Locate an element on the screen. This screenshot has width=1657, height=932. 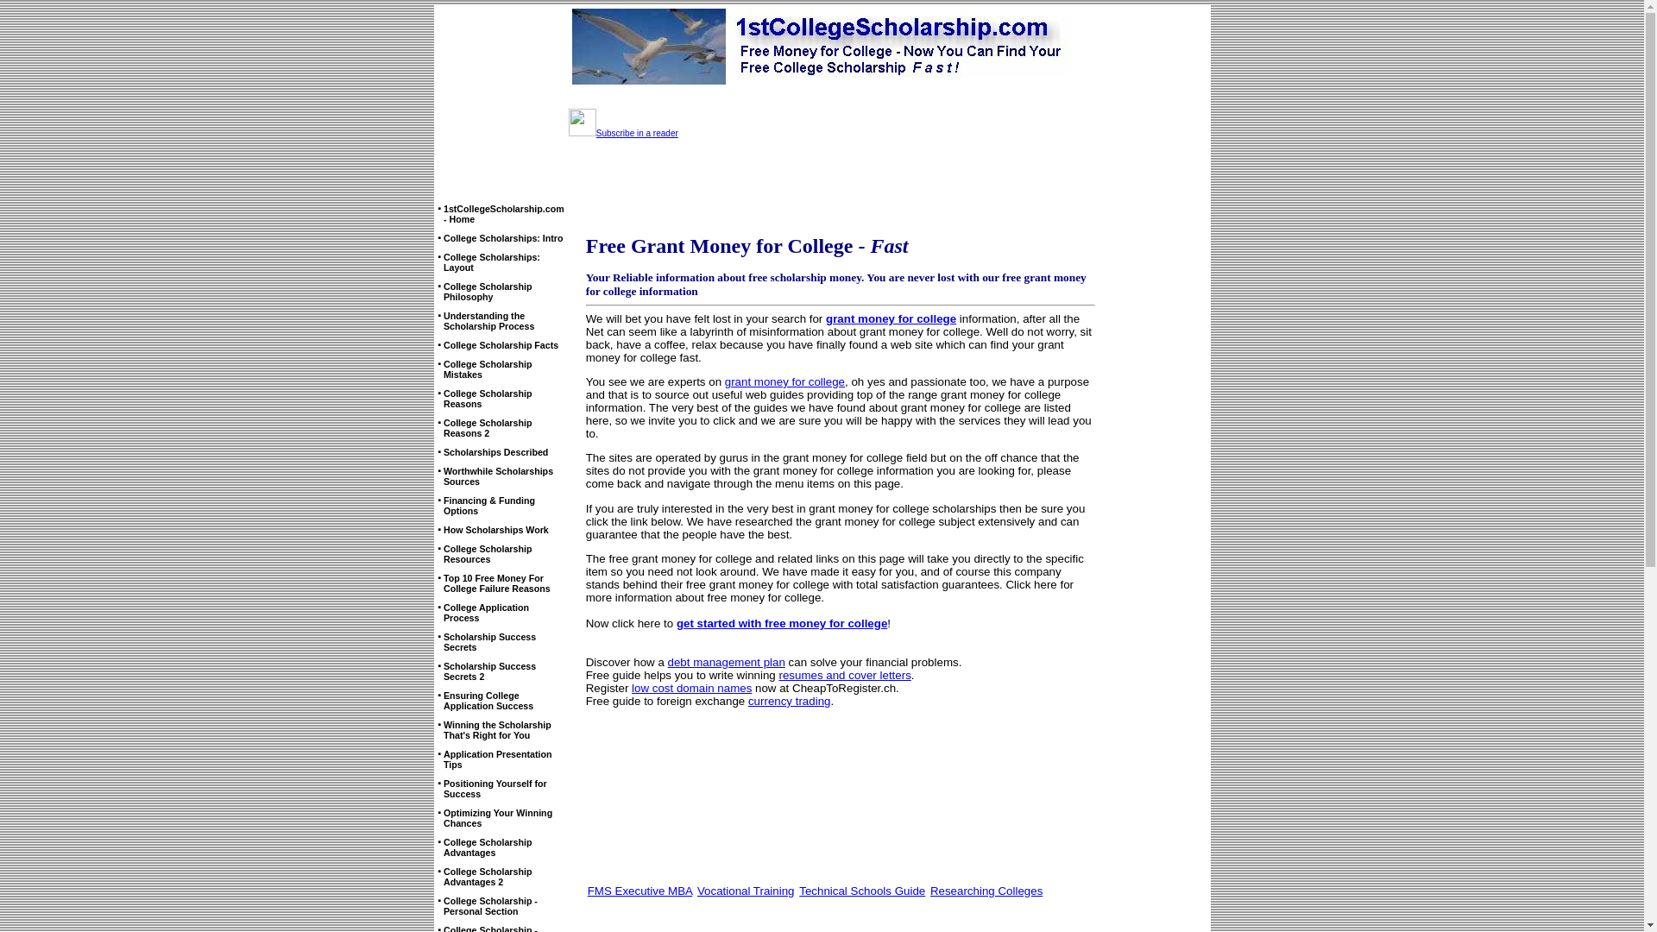
'Optimizing Your Winning Chances' is located at coordinates (496, 817).